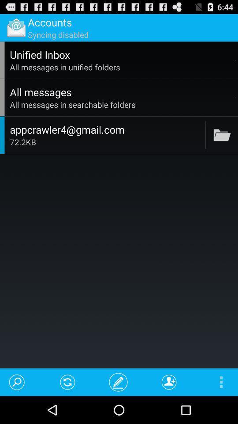 The width and height of the screenshot is (238, 424). What do you see at coordinates (235, 98) in the screenshot?
I see `the icon to the right of all messages app` at bounding box center [235, 98].